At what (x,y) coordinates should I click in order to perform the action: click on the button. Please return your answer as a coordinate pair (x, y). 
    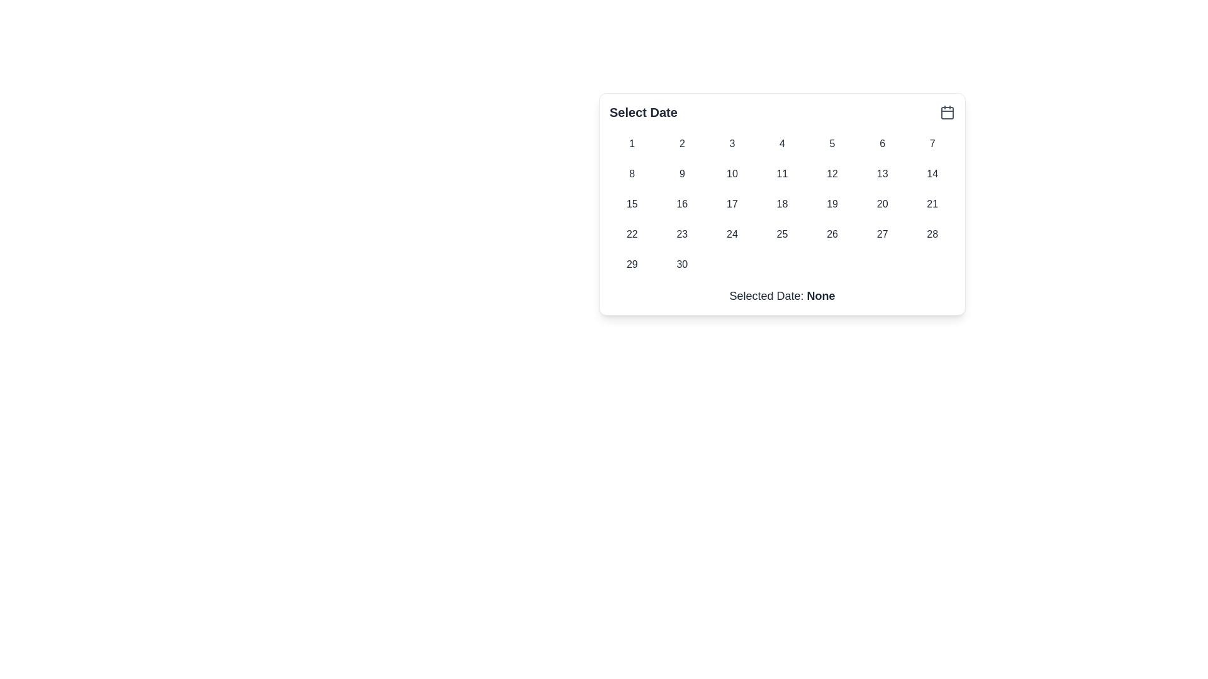
    Looking at the image, I should click on (832, 203).